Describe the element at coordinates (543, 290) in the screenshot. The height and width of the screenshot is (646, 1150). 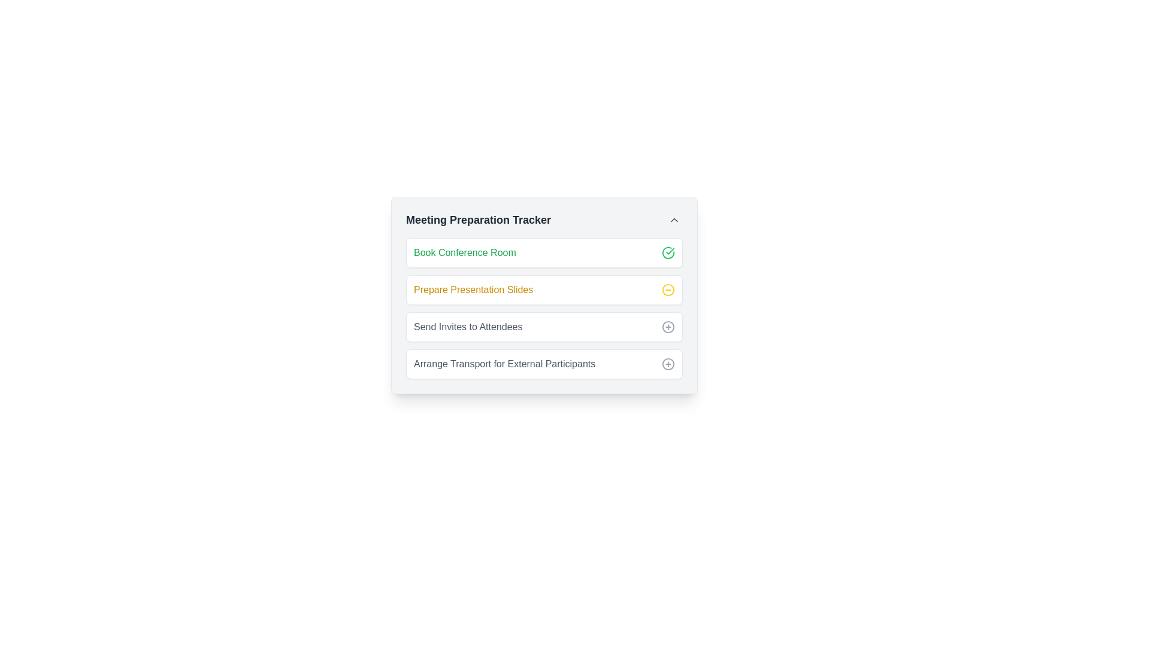
I see `the task entry labeled 'Prepare Presentation Slides' to mark it as completed` at that location.